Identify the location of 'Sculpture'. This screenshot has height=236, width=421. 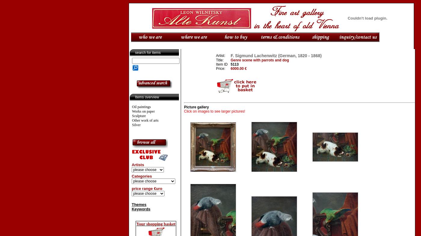
(139, 116).